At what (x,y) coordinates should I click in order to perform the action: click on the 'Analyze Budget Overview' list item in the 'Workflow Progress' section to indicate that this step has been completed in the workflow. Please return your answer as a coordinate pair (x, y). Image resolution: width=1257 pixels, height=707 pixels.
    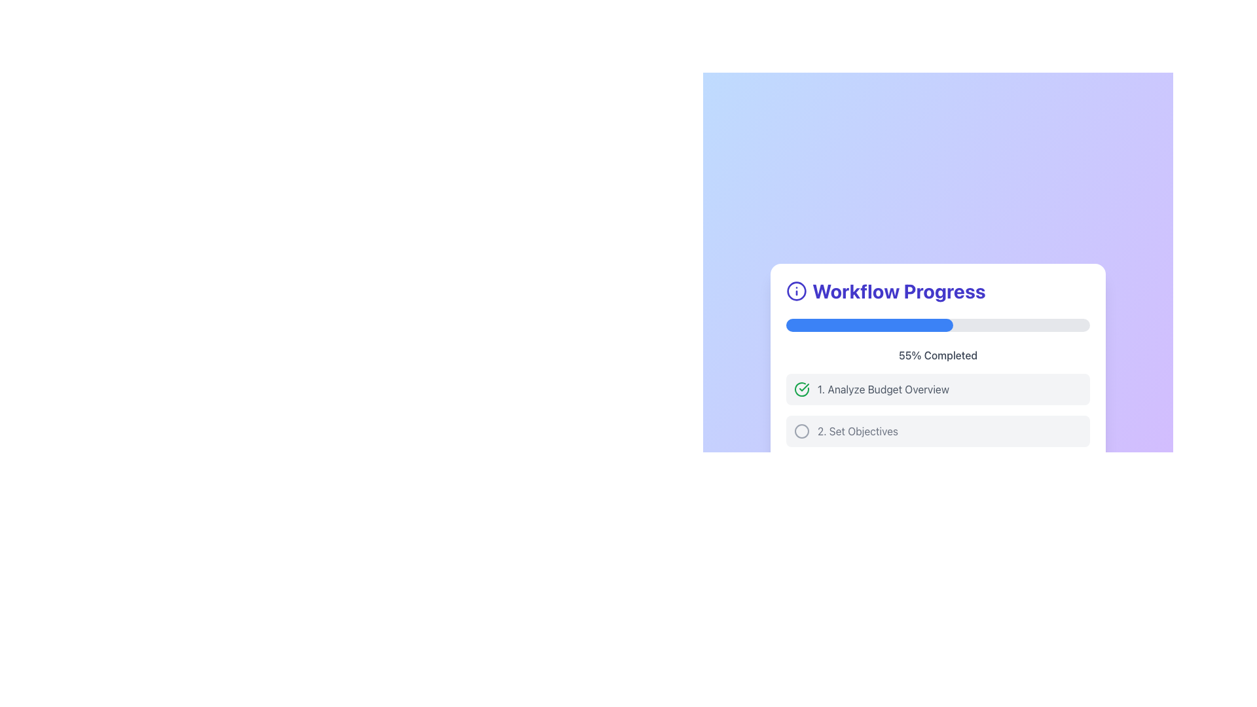
    Looking at the image, I should click on (938, 388).